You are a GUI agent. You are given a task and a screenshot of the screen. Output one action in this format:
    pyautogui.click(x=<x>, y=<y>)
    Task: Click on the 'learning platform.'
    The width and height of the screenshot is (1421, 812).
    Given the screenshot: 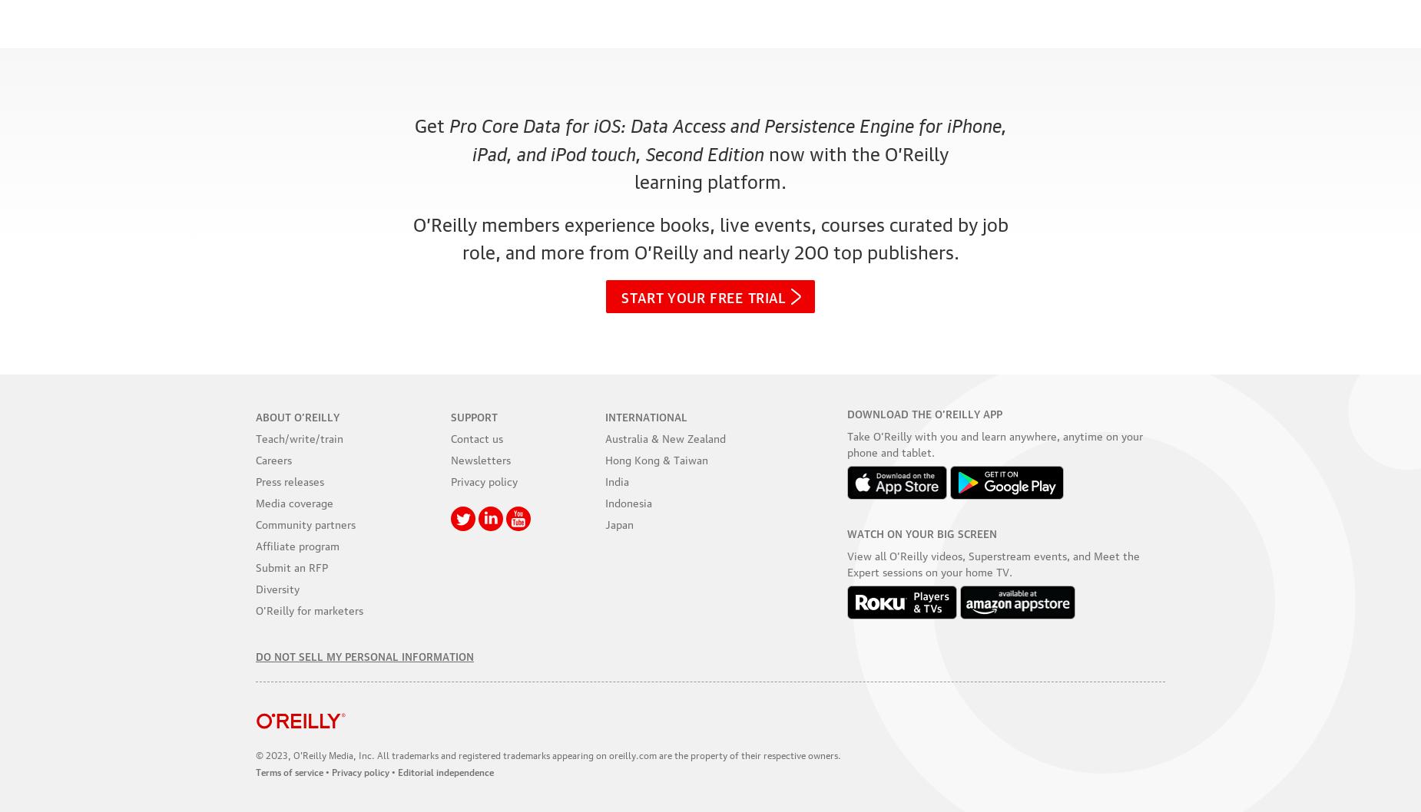 What is the action you would take?
    pyautogui.click(x=710, y=180)
    